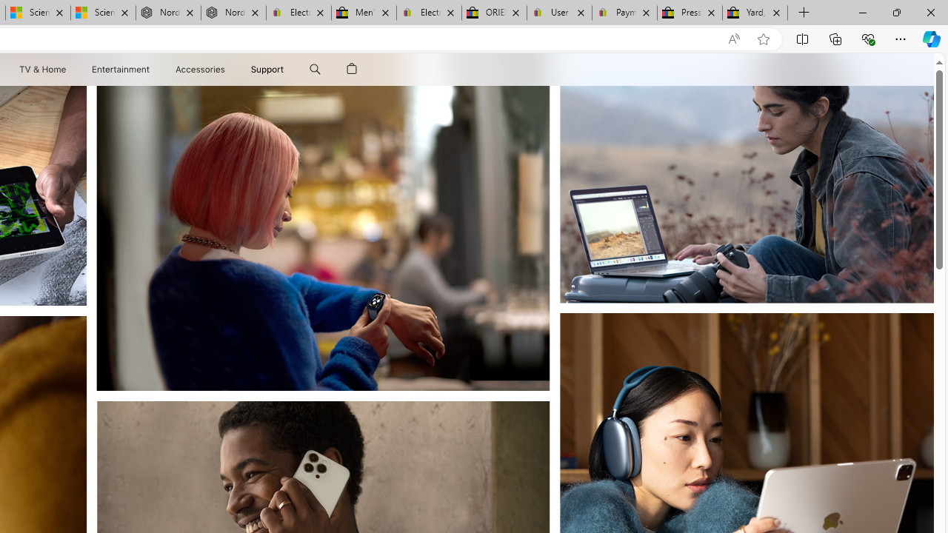 The image size is (948, 533). What do you see at coordinates (41, 69) in the screenshot?
I see `'TV & Home'` at bounding box center [41, 69].